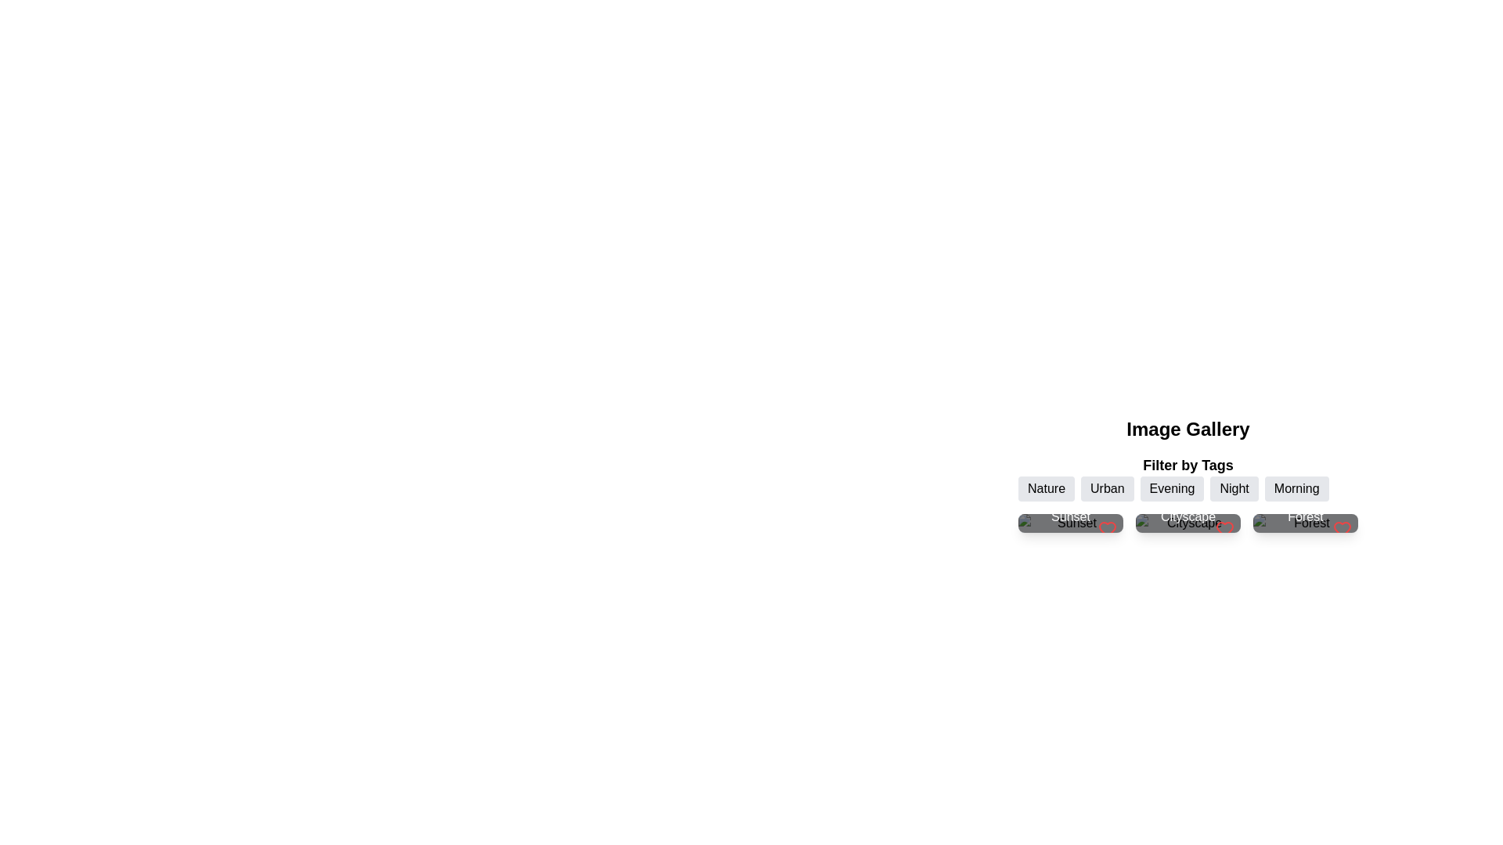 The image size is (1503, 845). What do you see at coordinates (1070, 516) in the screenshot?
I see `the 'Sunset' text label, which is a rectangle-shaped overlay with a black transparent background located at the bottom of an image tile in the leftmost column` at bounding box center [1070, 516].